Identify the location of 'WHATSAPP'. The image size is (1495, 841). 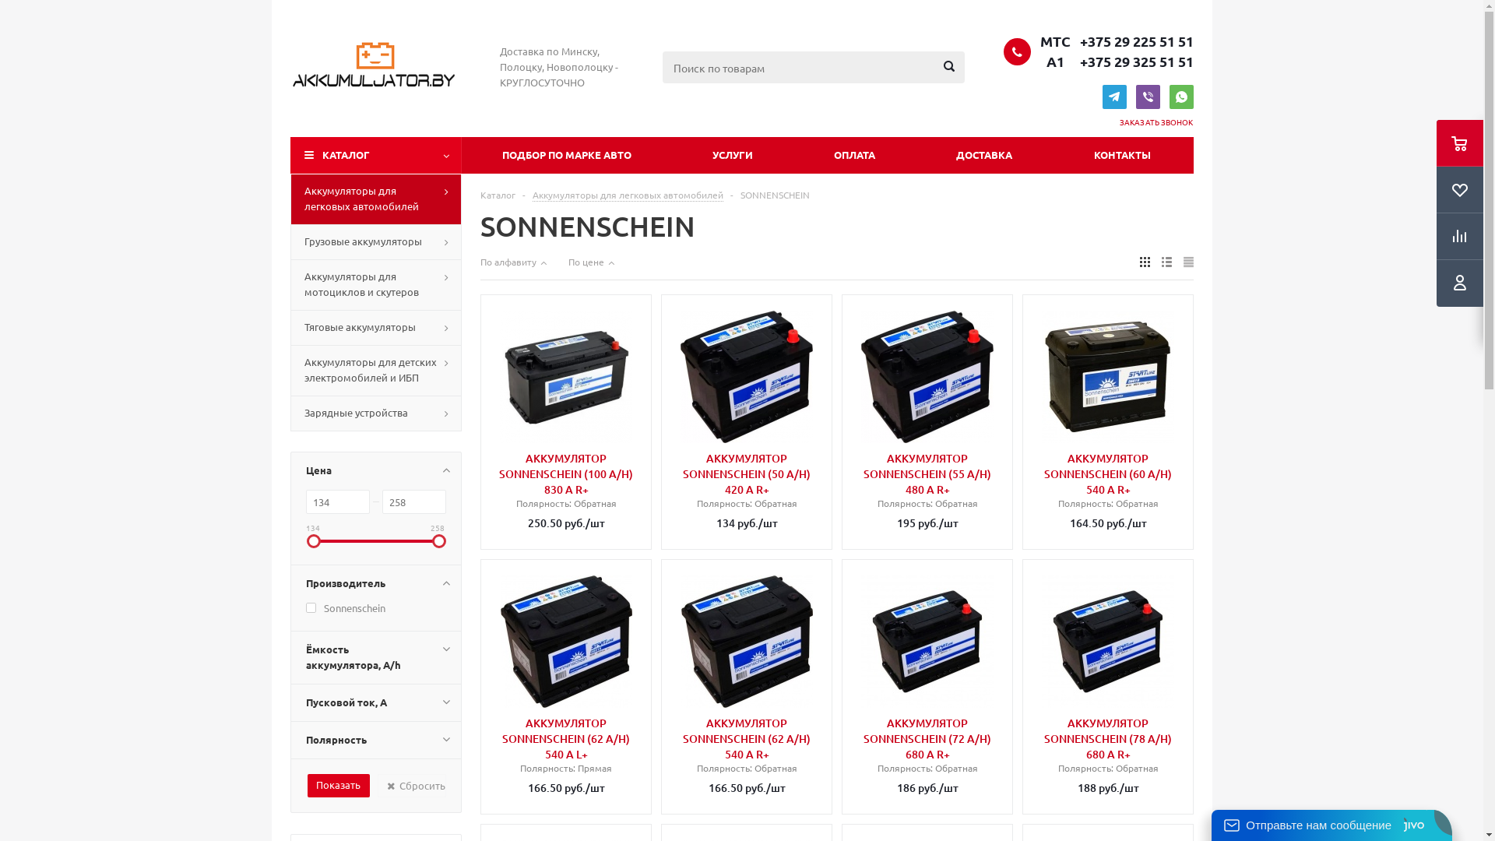
(1181, 97).